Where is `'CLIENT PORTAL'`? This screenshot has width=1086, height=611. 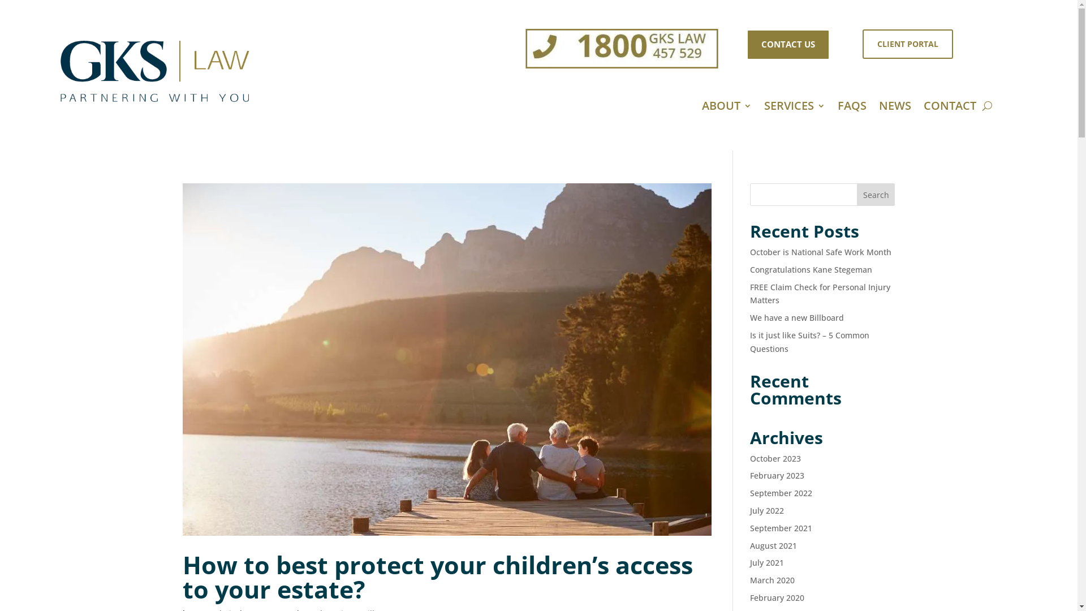 'CLIENT PORTAL' is located at coordinates (907, 43).